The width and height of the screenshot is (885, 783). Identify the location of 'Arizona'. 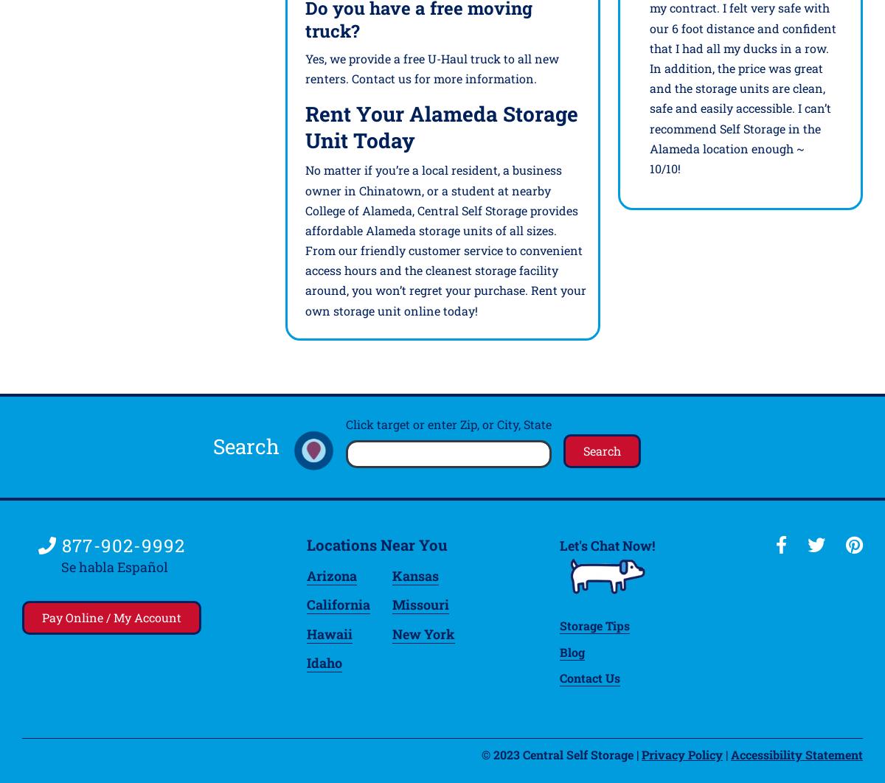
(331, 575).